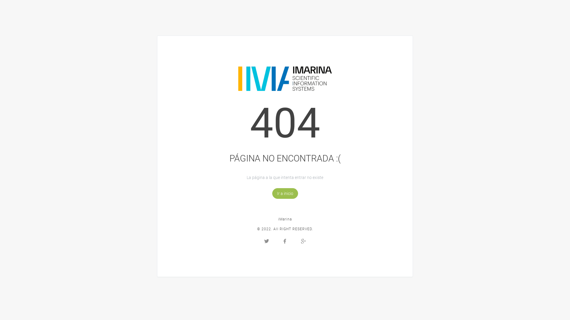 The width and height of the screenshot is (570, 320). I want to click on 'Ir a inicio', so click(284, 193).